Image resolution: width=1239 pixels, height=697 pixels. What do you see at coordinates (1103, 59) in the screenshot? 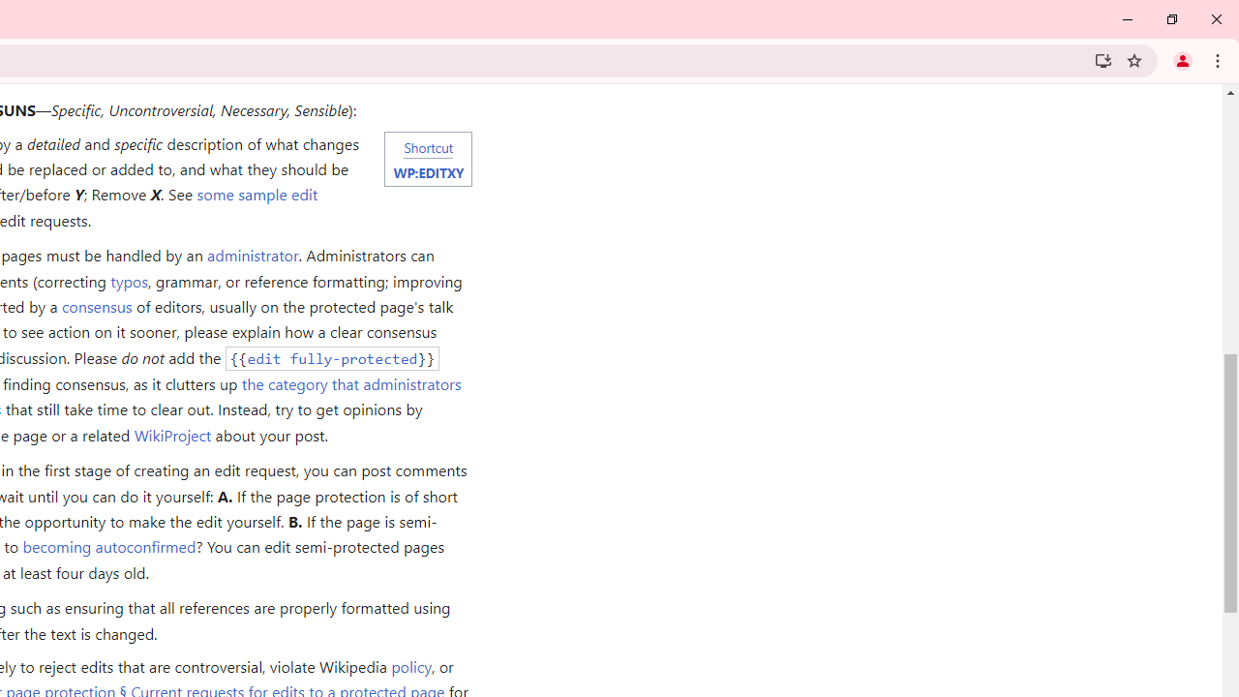
I see `'Install Wikipedia'` at bounding box center [1103, 59].